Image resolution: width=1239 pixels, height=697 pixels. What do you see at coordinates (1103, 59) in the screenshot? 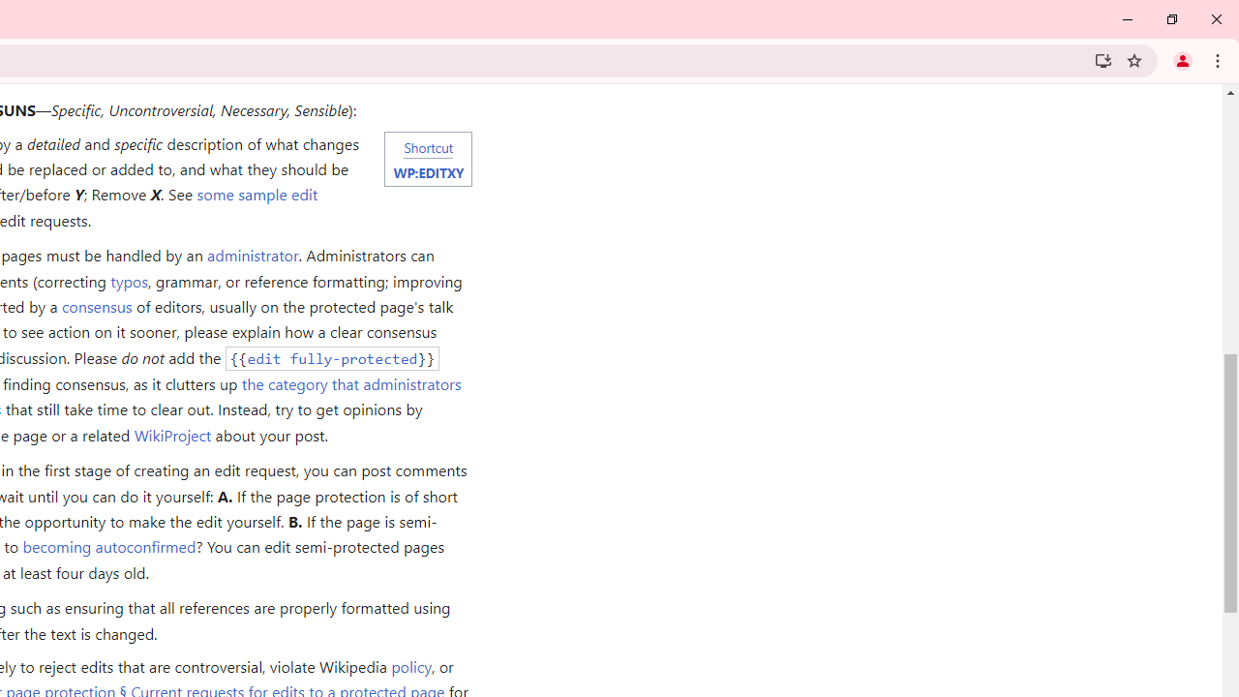
I see `'Install Wikipedia'` at bounding box center [1103, 59].